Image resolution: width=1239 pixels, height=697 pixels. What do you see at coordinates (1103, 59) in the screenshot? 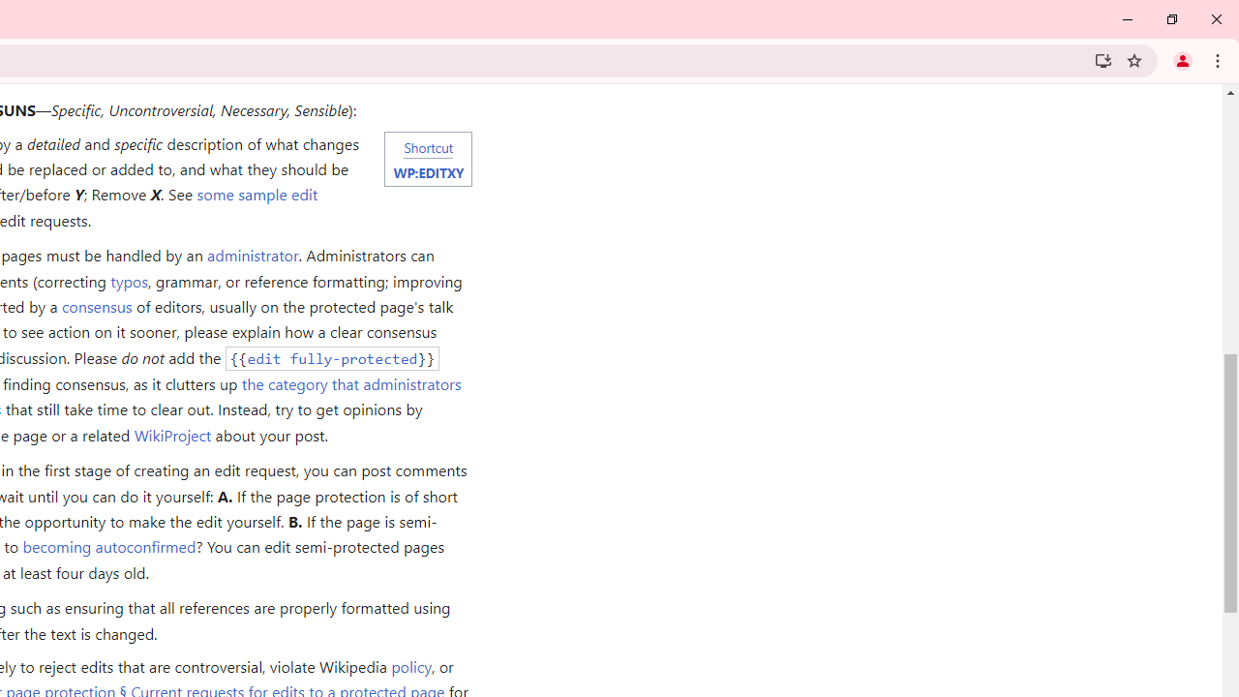
I see `'Install Wikipedia'` at bounding box center [1103, 59].